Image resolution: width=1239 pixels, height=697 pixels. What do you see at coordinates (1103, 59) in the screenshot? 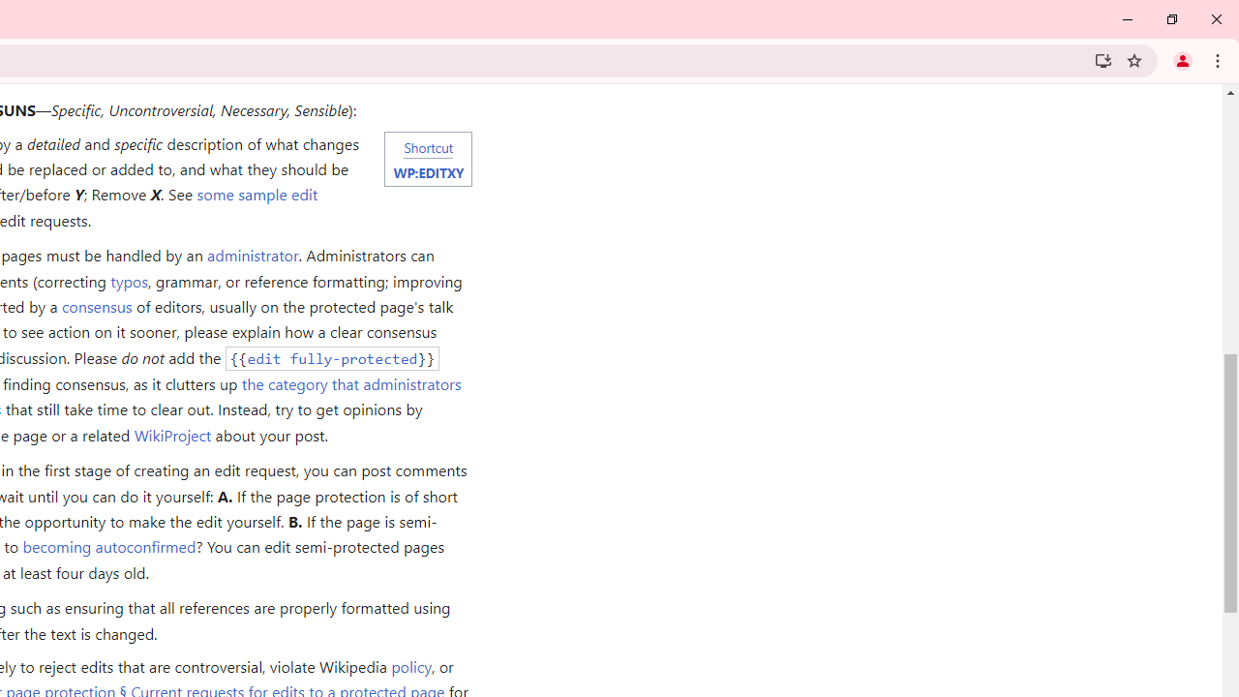
I see `'Install Wikipedia'` at bounding box center [1103, 59].